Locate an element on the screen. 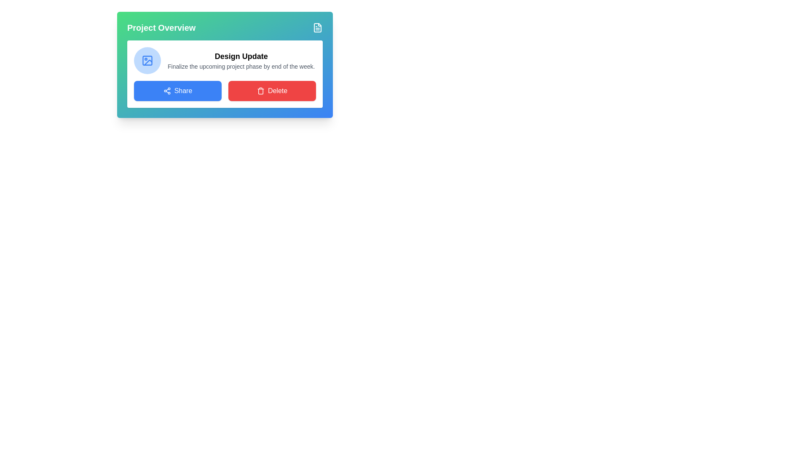 This screenshot has height=455, width=809. the small share icon, which is a clean and modern styled icon with three circles connected by lines, positioned to the left of the 'Share' button on a blue background is located at coordinates (167, 91).